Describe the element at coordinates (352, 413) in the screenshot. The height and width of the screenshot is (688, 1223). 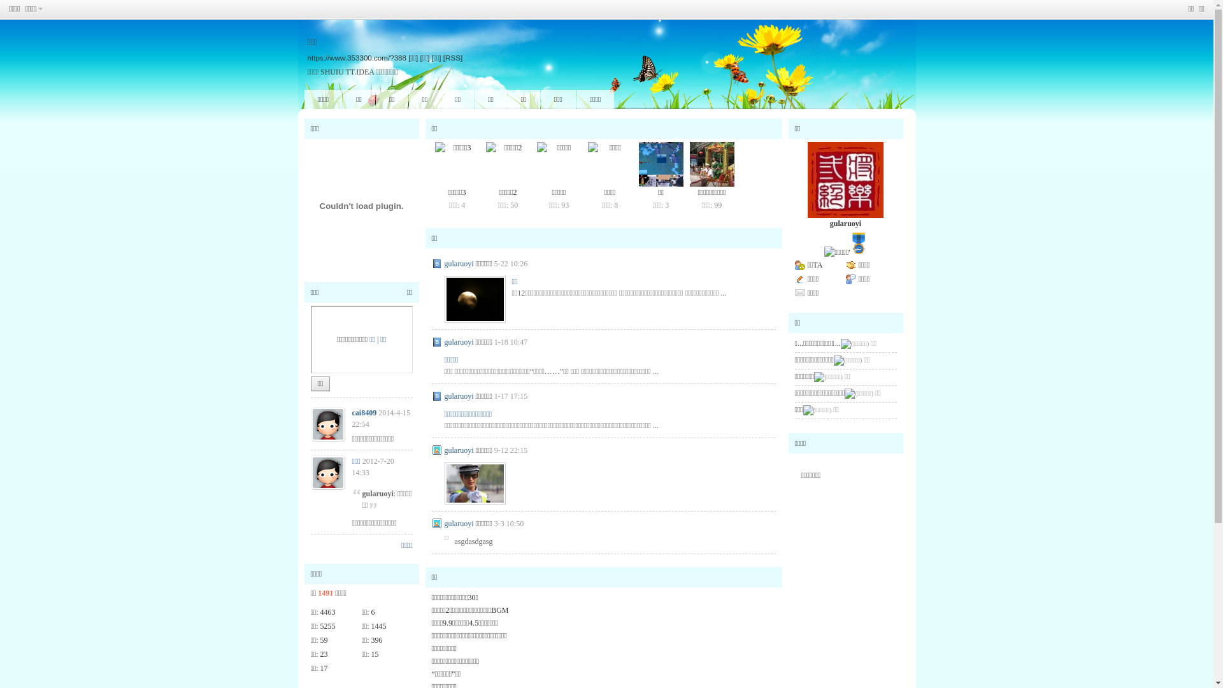
I see `'cai8409'` at that location.